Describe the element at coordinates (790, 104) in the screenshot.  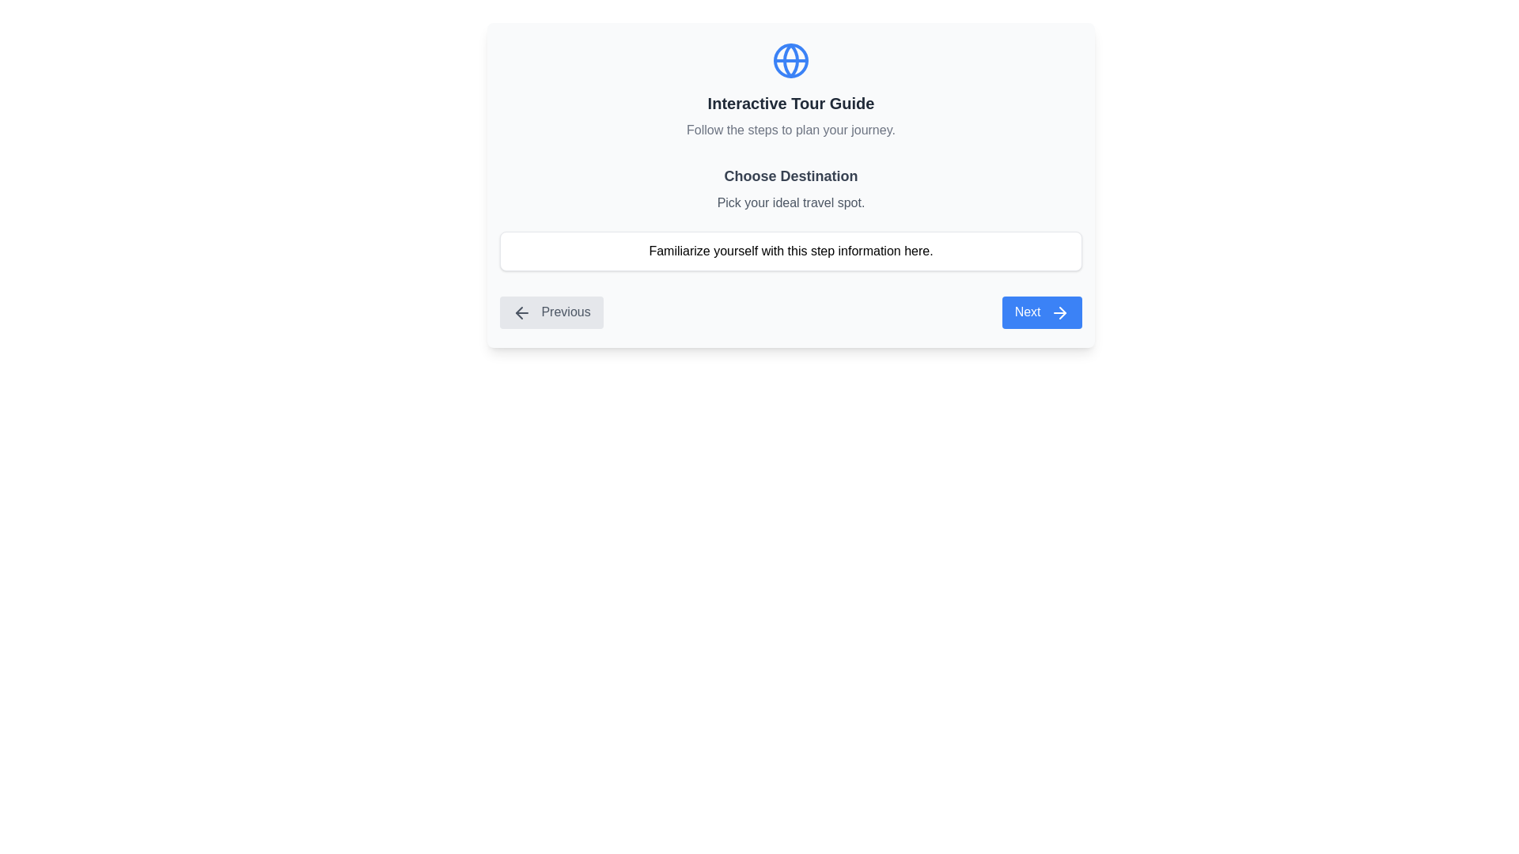
I see `text of the heading located centrally below the globe icon and above the smaller informational text` at that location.